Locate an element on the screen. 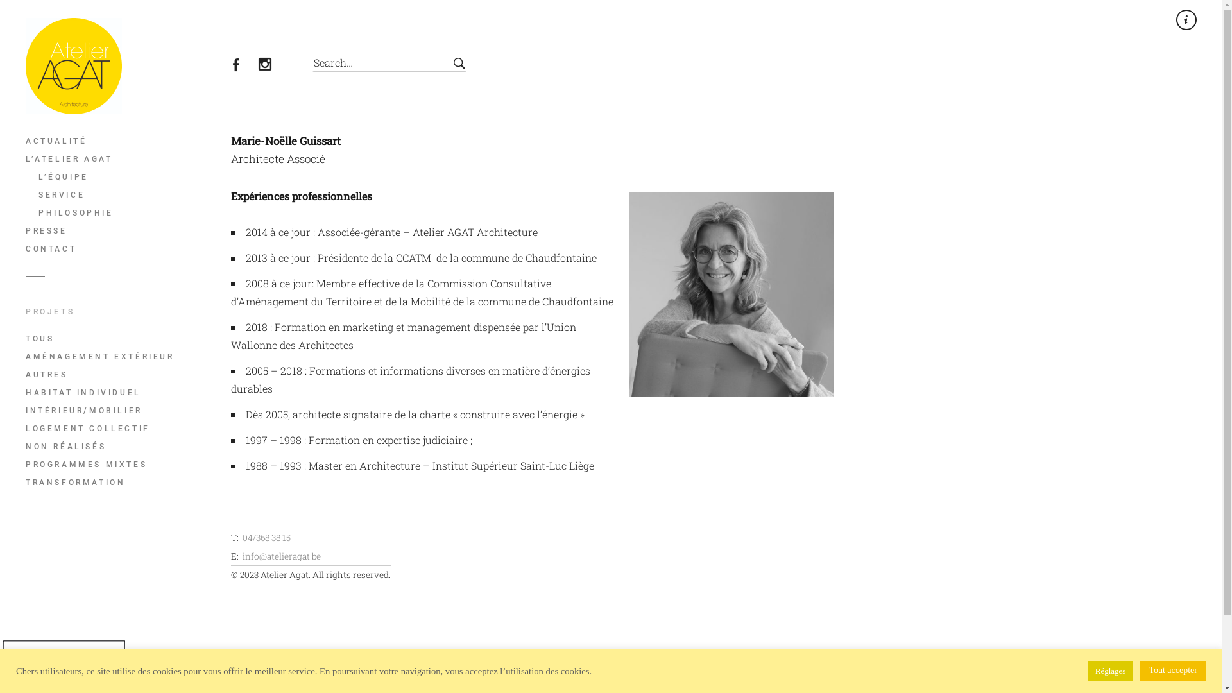 The width and height of the screenshot is (1232, 693). 'Tout accepter' is located at coordinates (1173, 670).